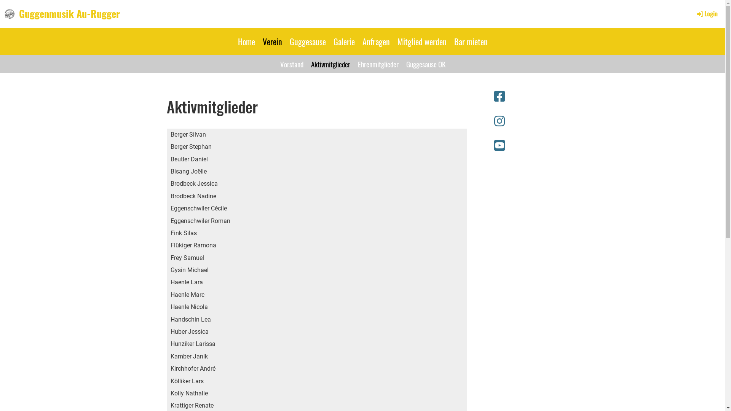  What do you see at coordinates (470, 41) in the screenshot?
I see `'Bar mieten'` at bounding box center [470, 41].